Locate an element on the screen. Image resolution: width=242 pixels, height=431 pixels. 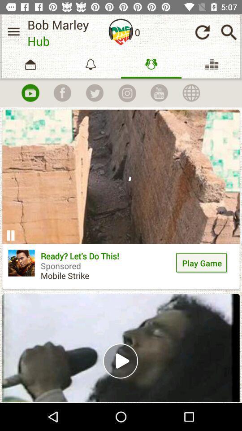
tap the youtube icon is located at coordinates (30, 92).